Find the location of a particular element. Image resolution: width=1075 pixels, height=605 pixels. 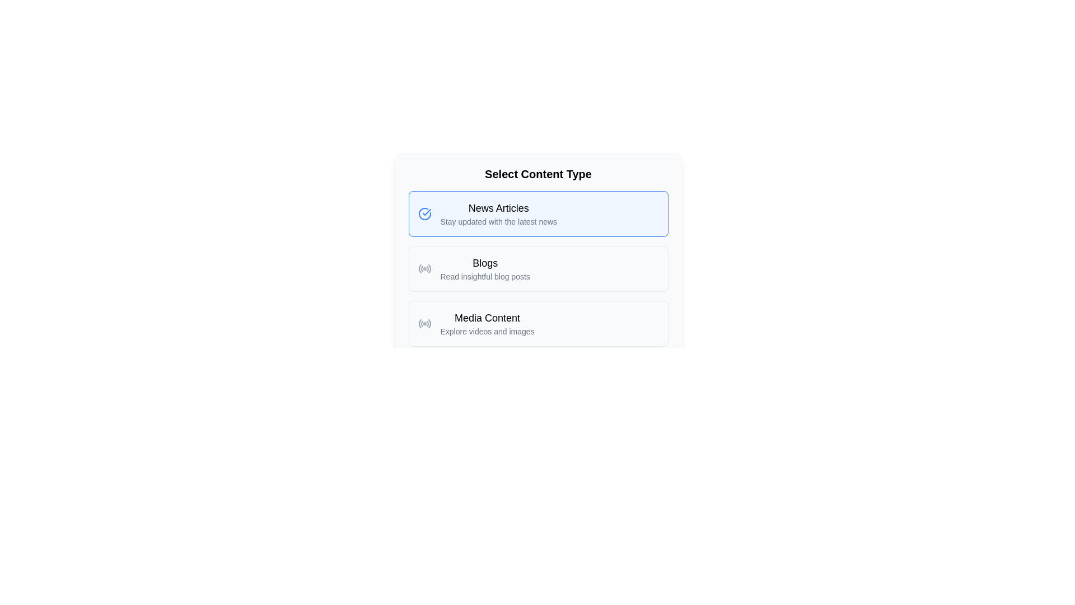

the static label representing the third selectable option in the content type selection menu, which is located between 'News Articles' and 'Blogs' is located at coordinates (487, 318).